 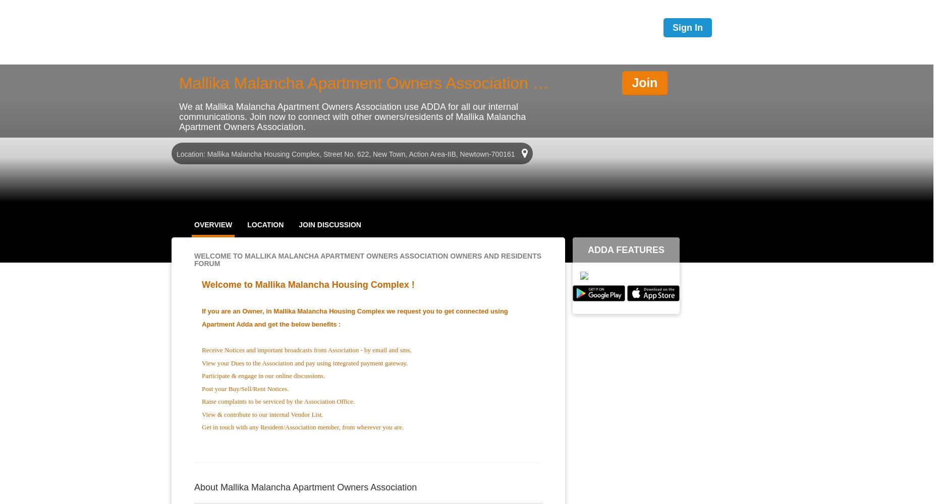 I want to click on 'Welcome to Mallika Malancha Housing Complex !', so click(x=307, y=284).